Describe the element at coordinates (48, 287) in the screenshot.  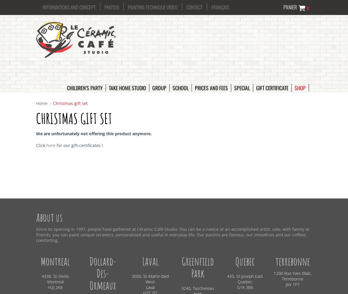
I see `'H2J 2K8'` at that location.